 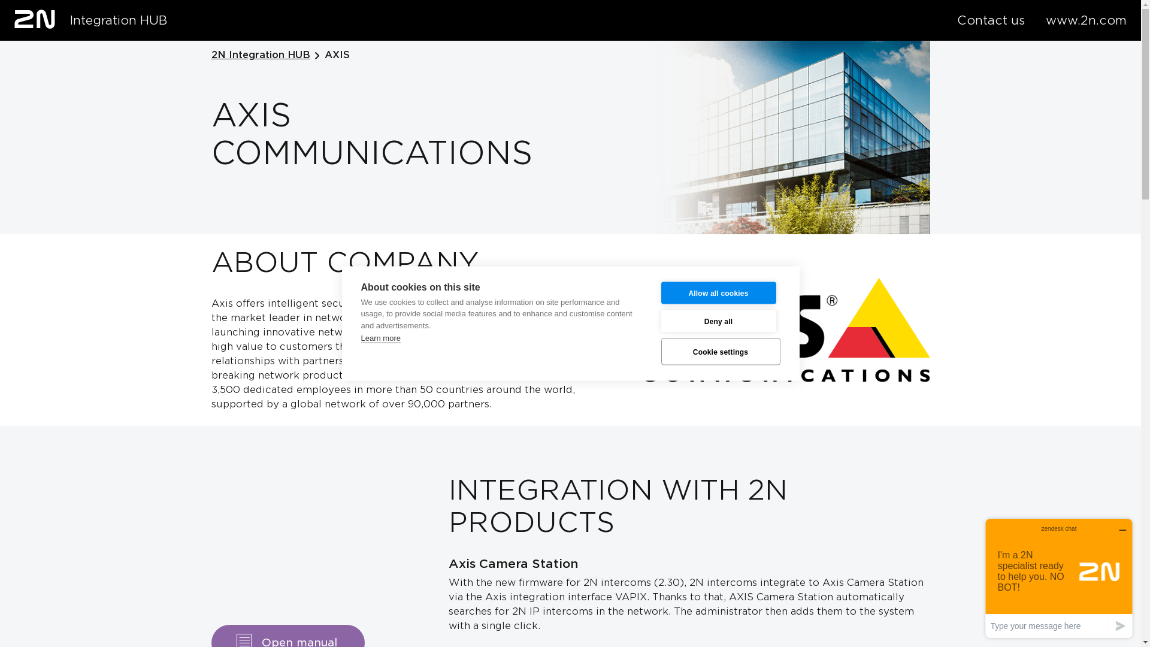 I want to click on 'Cookie settings', so click(x=720, y=350).